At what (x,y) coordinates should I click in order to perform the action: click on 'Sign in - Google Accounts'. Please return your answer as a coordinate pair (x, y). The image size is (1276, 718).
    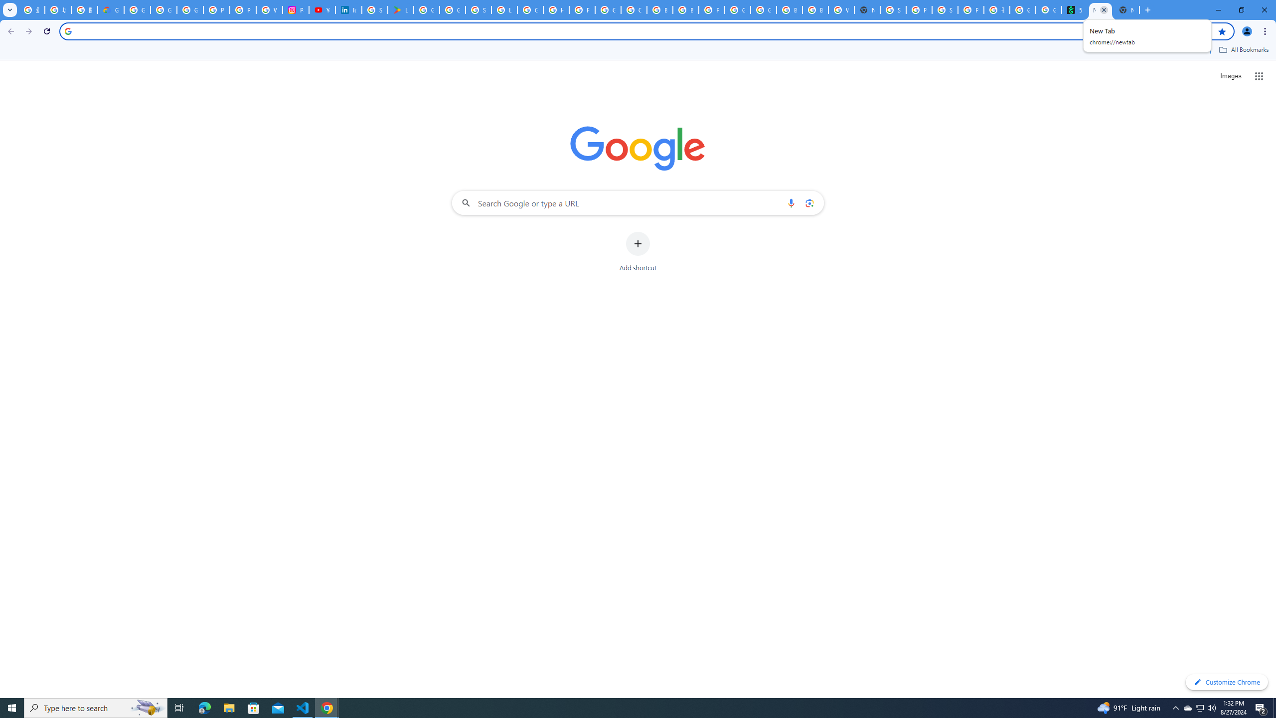
    Looking at the image, I should click on (893, 9).